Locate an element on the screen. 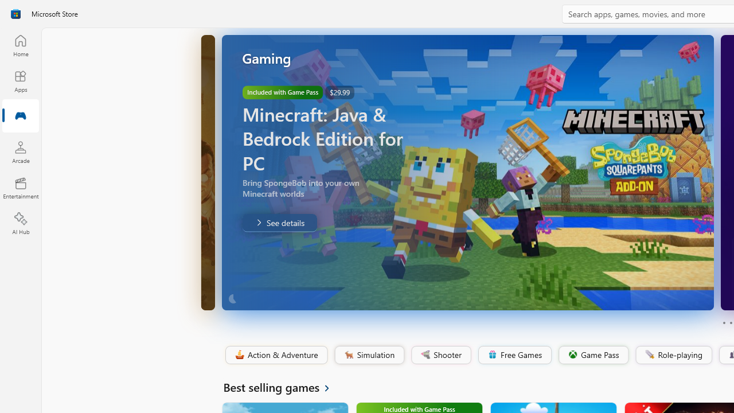  'Arcade' is located at coordinates (20, 151).